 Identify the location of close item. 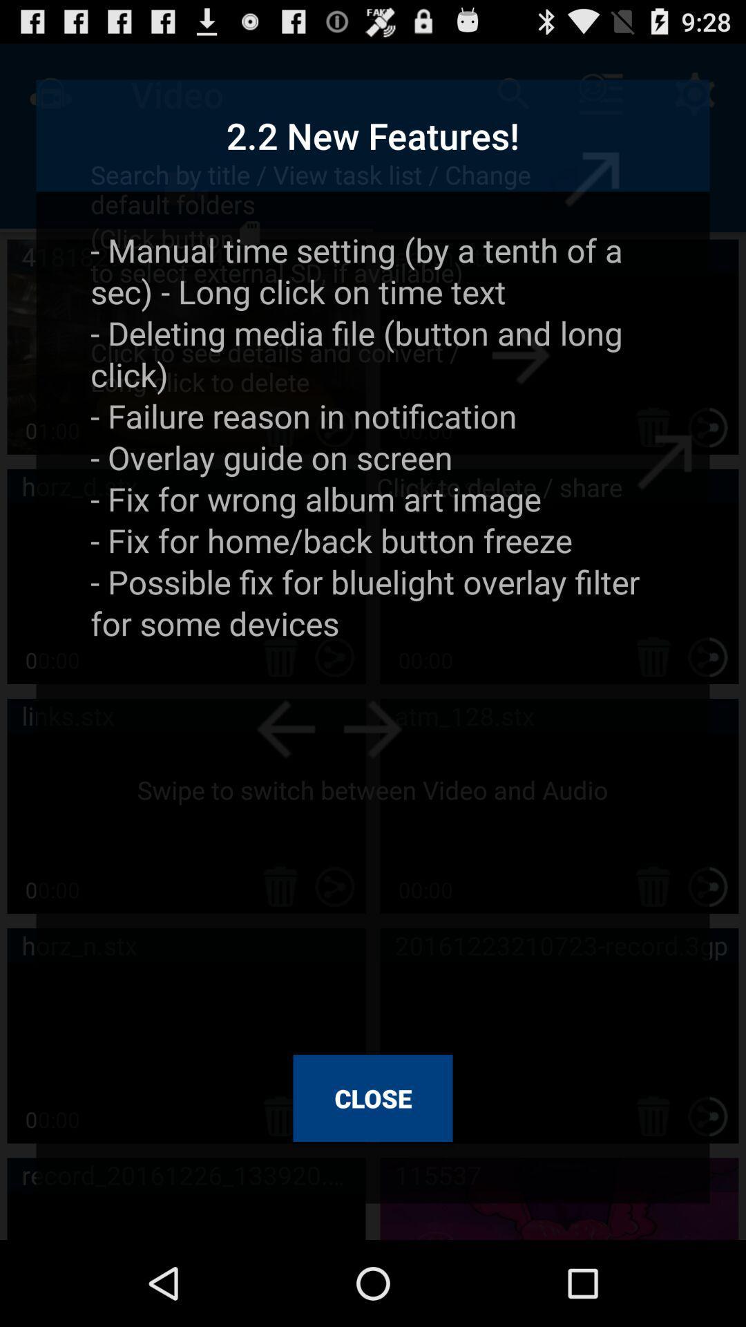
(373, 1098).